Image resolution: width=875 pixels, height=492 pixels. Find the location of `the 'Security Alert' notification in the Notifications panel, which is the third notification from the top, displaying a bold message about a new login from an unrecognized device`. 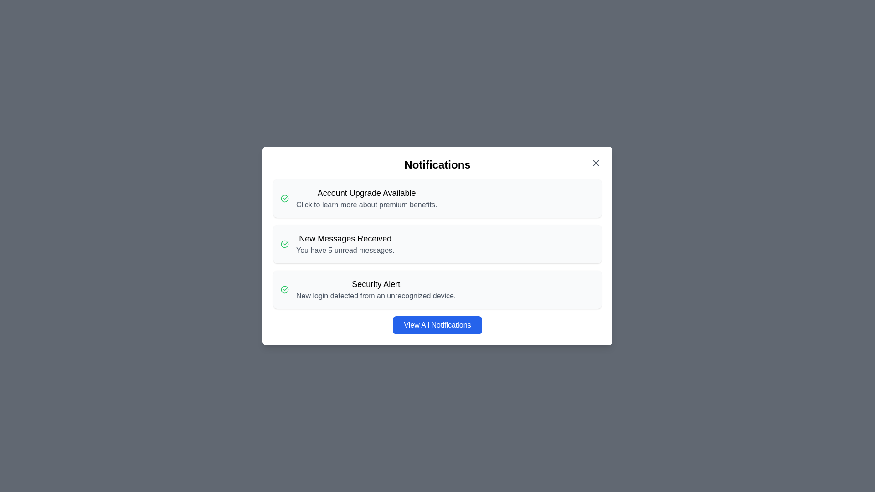

the 'Security Alert' notification in the Notifications panel, which is the third notification from the top, displaying a bold message about a new login from an unrecognized device is located at coordinates (376, 290).